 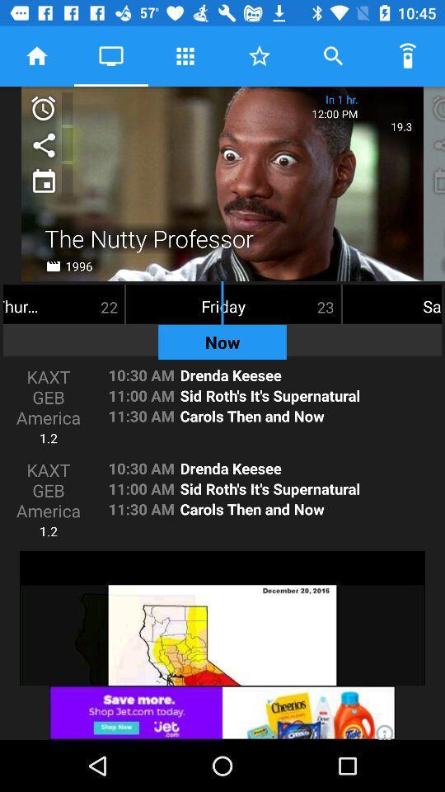 I want to click on the time icon, so click(x=43, y=107).